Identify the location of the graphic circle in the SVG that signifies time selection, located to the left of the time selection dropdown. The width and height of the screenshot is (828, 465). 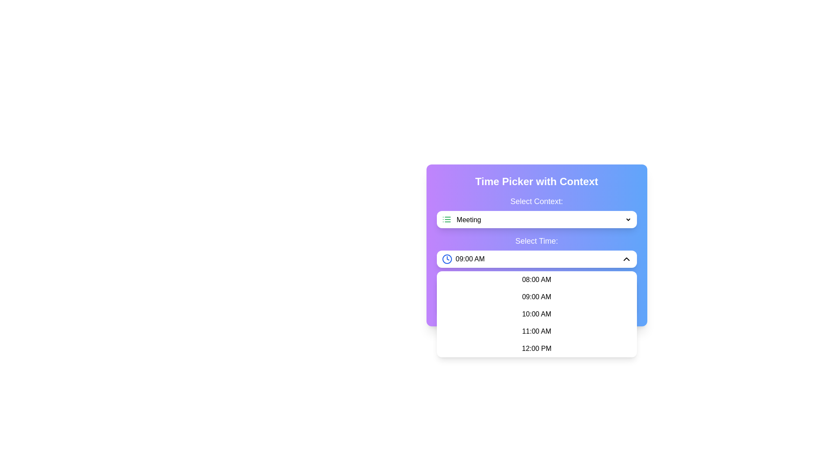
(447, 258).